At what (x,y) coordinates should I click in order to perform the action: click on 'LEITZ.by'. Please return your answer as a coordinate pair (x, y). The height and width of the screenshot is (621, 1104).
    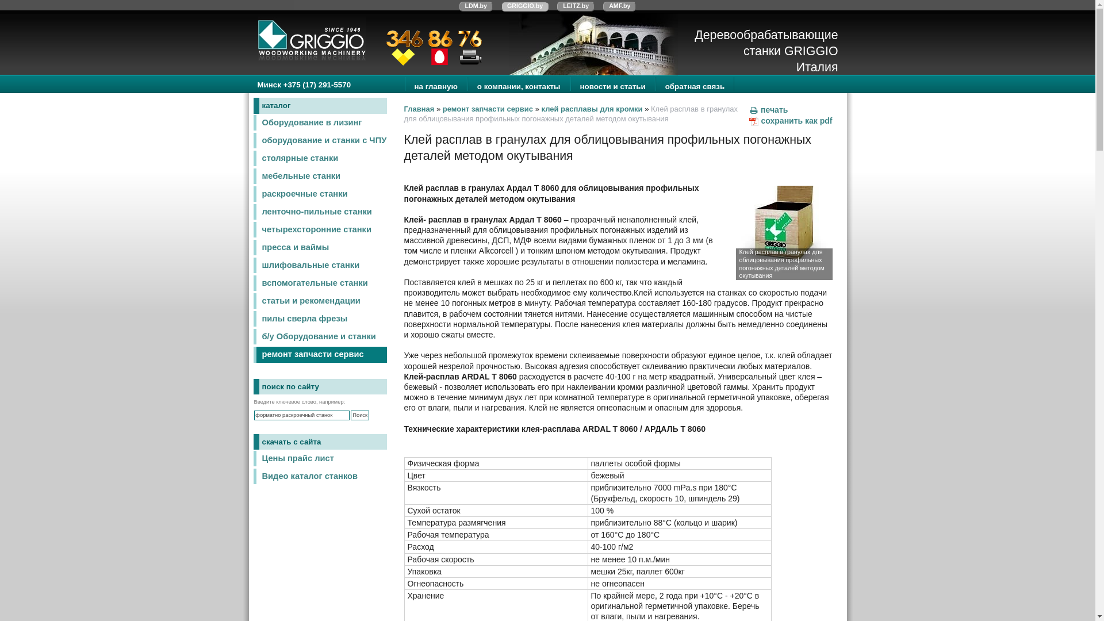
    Looking at the image, I should click on (576, 6).